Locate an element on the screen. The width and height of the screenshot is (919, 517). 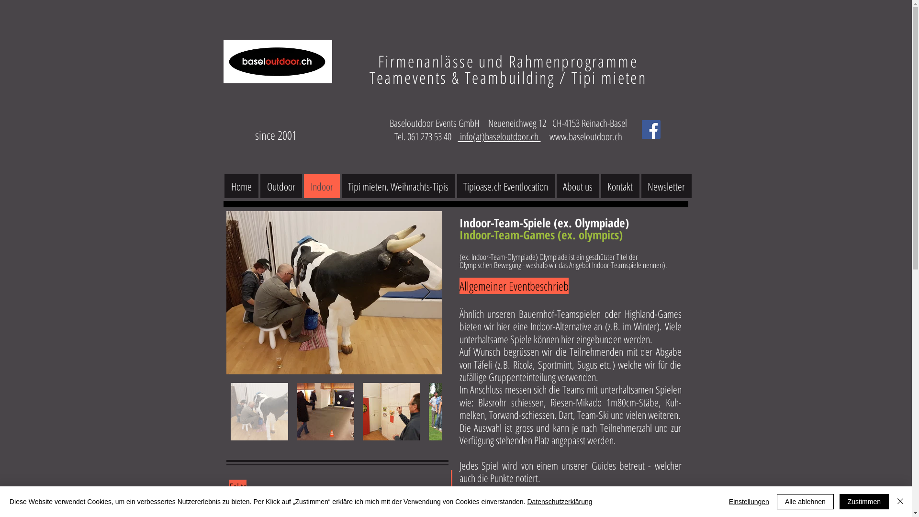
'Alle ablehnen' is located at coordinates (805, 501).